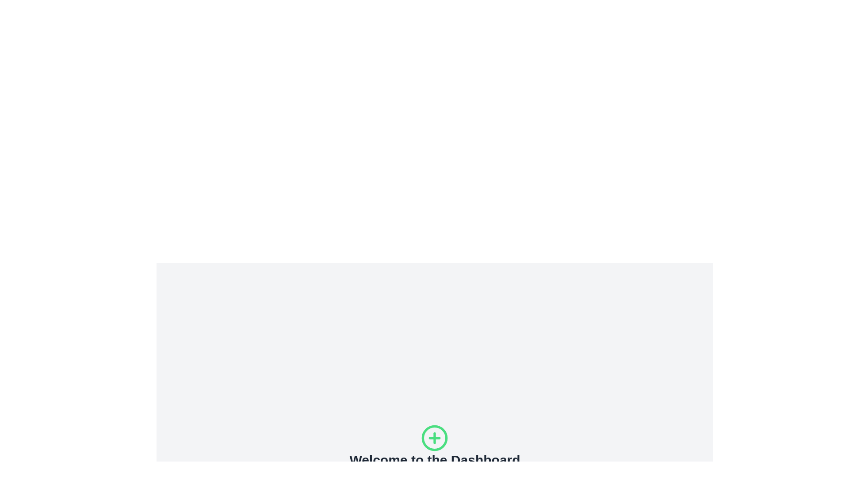 The width and height of the screenshot is (849, 477). Describe the element at coordinates (435, 438) in the screenshot. I see `the Circle Button with Plus Icon, which has a green outline and a plus sign in the center, to initiate an action` at that location.